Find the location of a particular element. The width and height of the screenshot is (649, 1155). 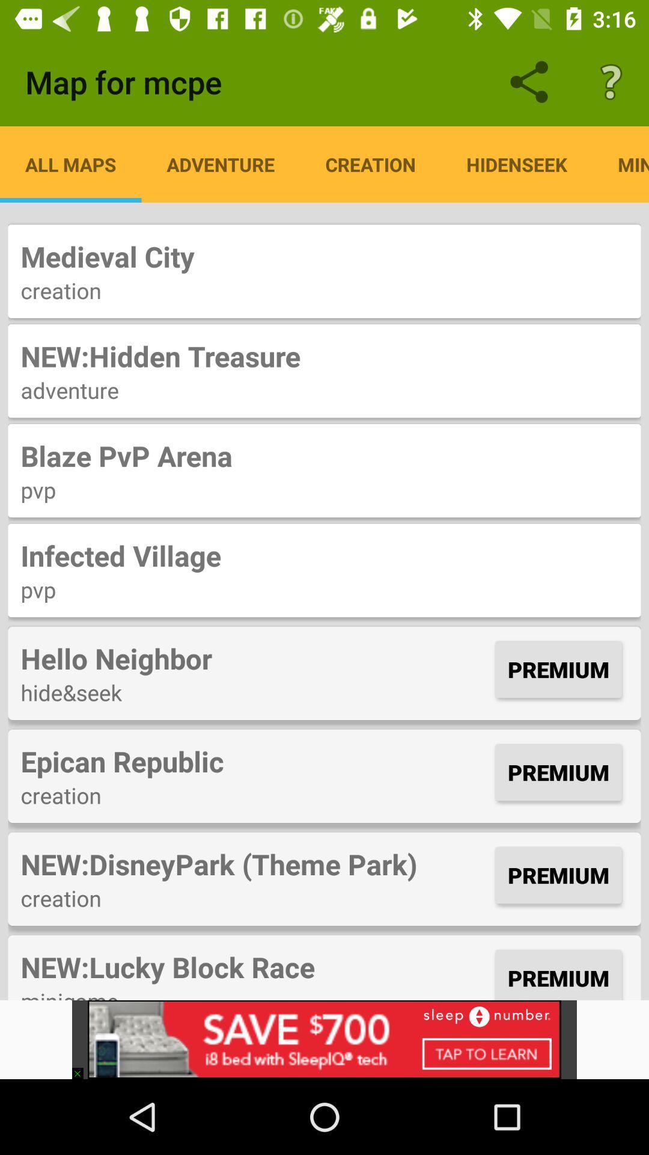

icon above medieval city item is located at coordinates (70, 164).